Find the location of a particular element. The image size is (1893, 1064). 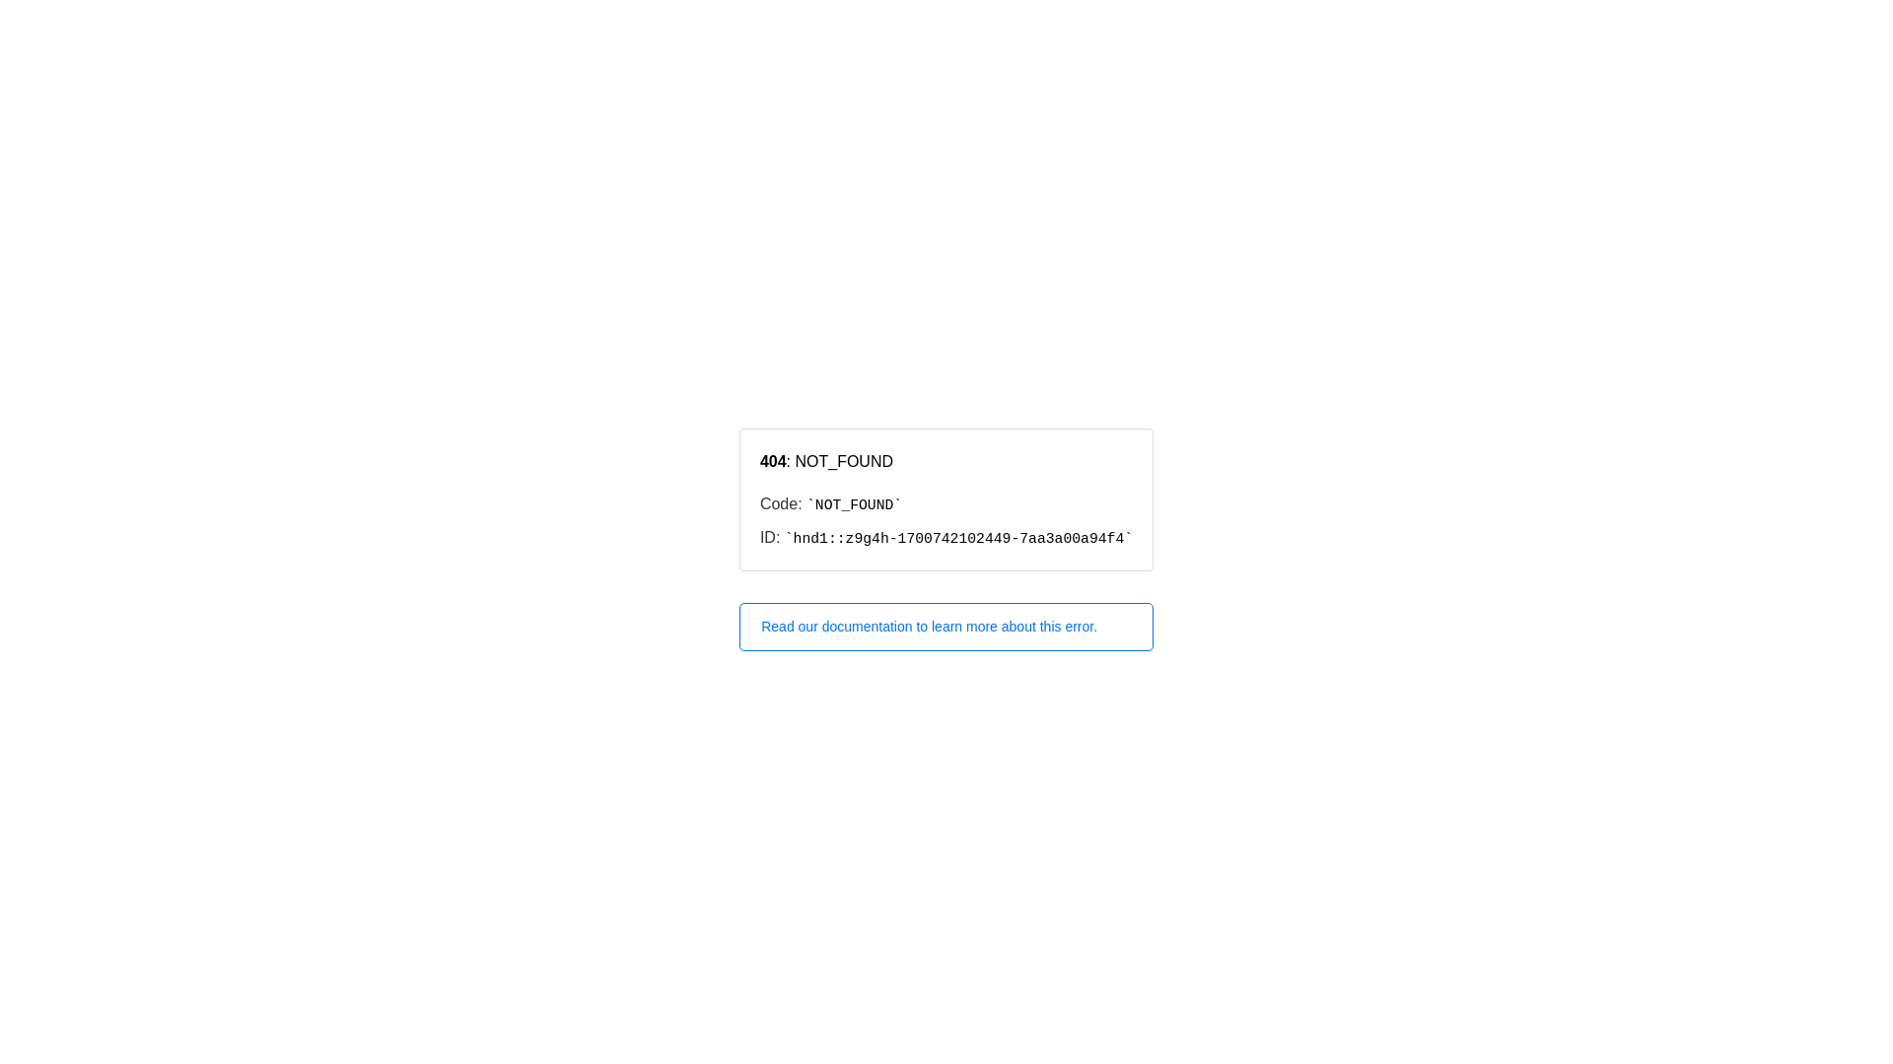

'Read our documentation to learn more about this error.' is located at coordinates (946, 627).